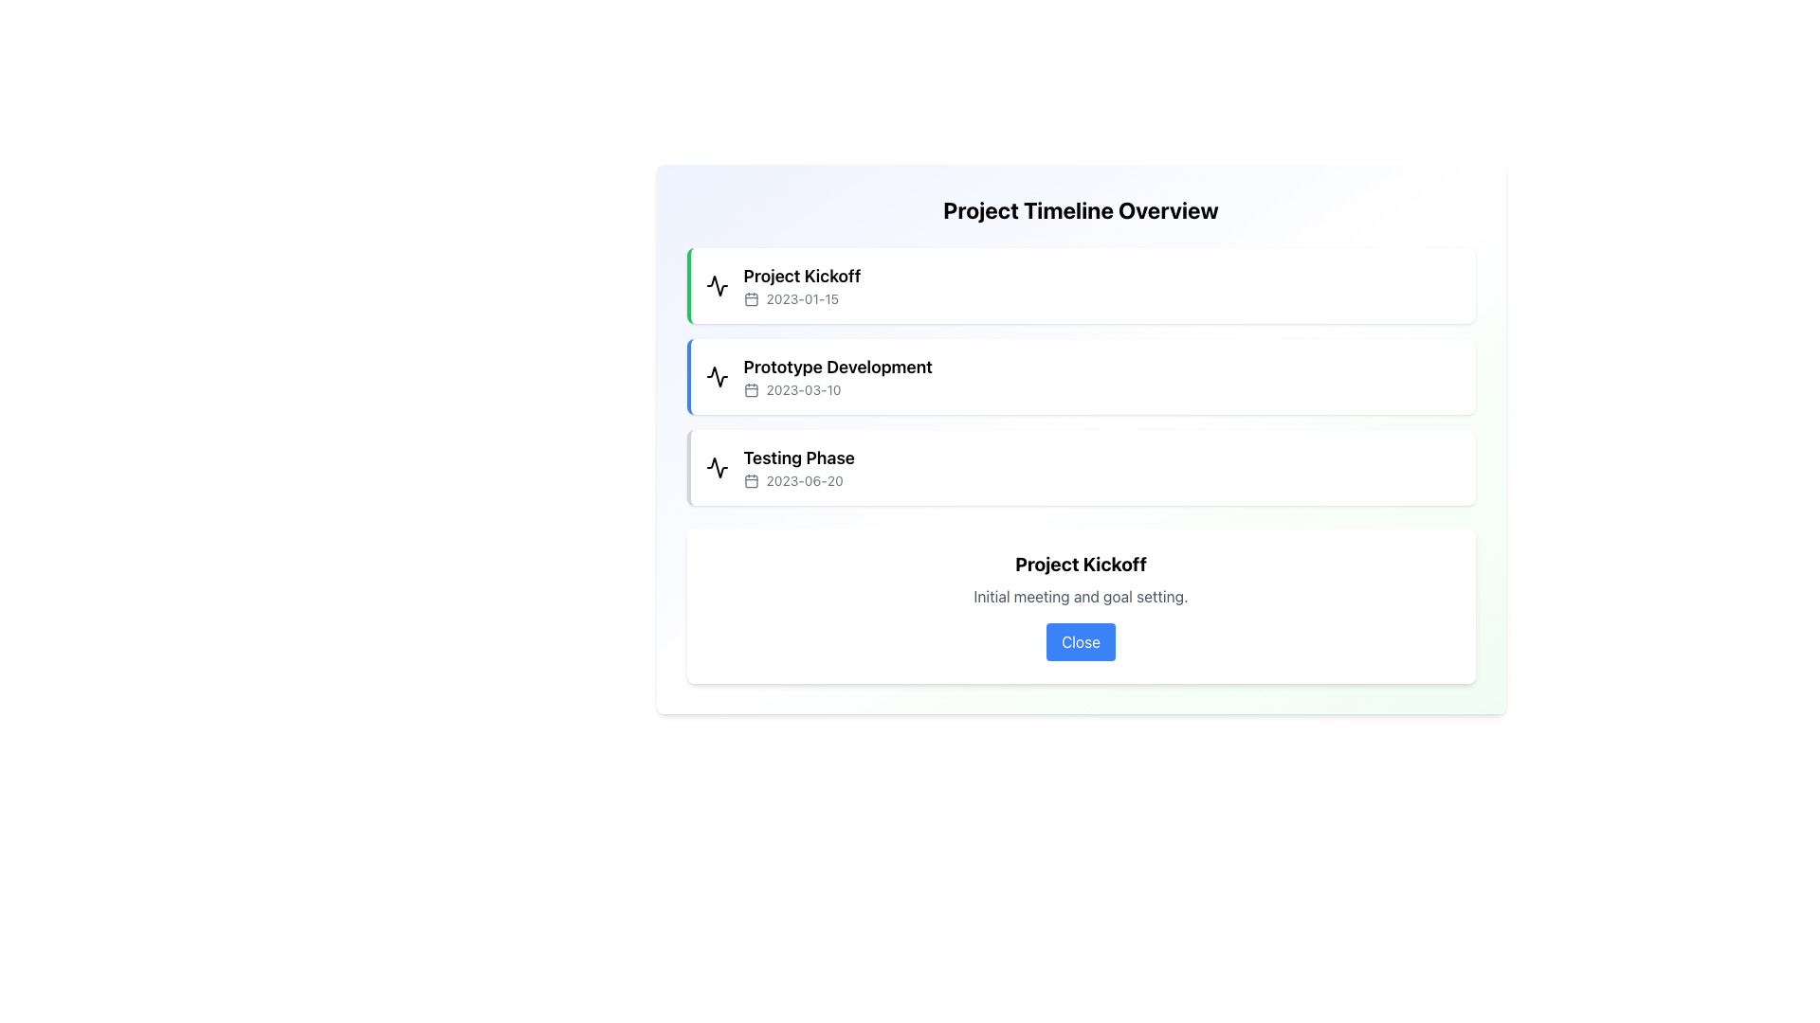 The width and height of the screenshot is (1820, 1023). Describe the element at coordinates (1081, 641) in the screenshot. I see `the 'Close' button, which is a bright blue rectangular button with white text, located at the bottom-center of the white box containing information about the 'Project Kickoff' meeting` at that location.